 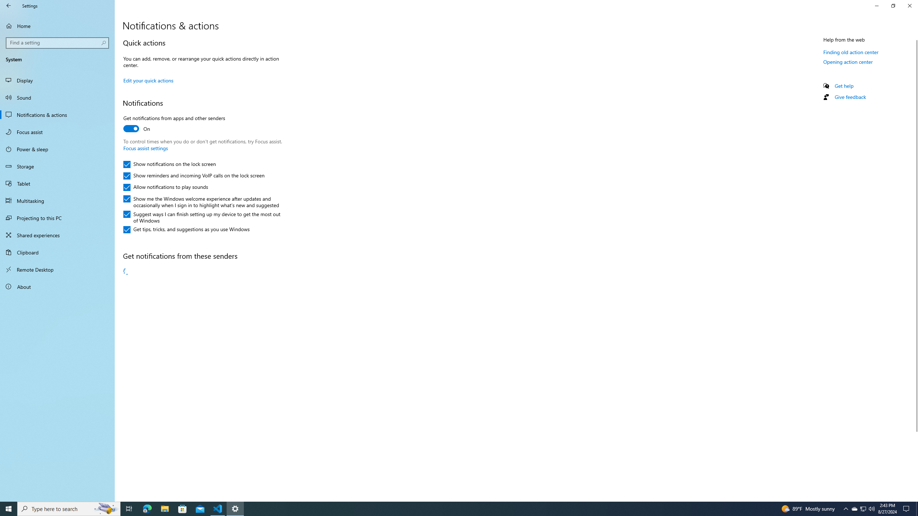 I want to click on 'Allow notifications to play sounds', so click(x=165, y=187).